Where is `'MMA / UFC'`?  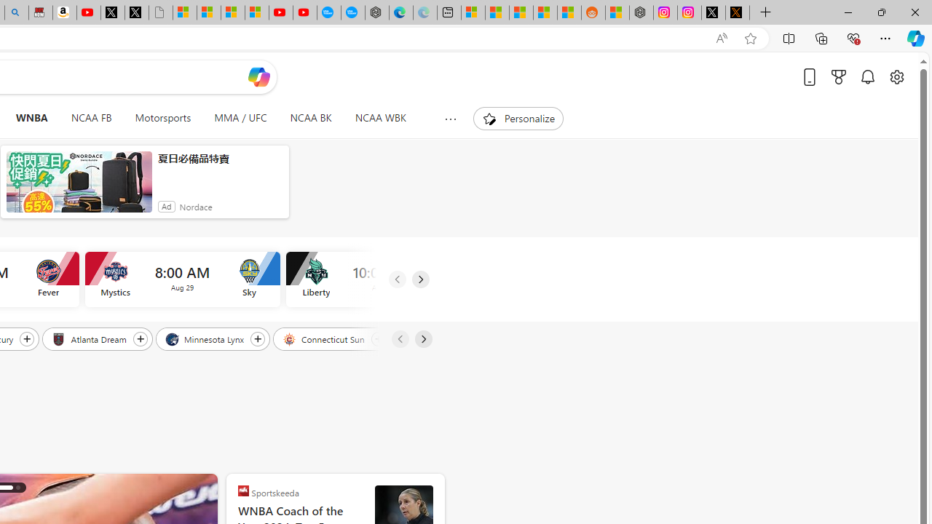
'MMA / UFC' is located at coordinates (240, 118).